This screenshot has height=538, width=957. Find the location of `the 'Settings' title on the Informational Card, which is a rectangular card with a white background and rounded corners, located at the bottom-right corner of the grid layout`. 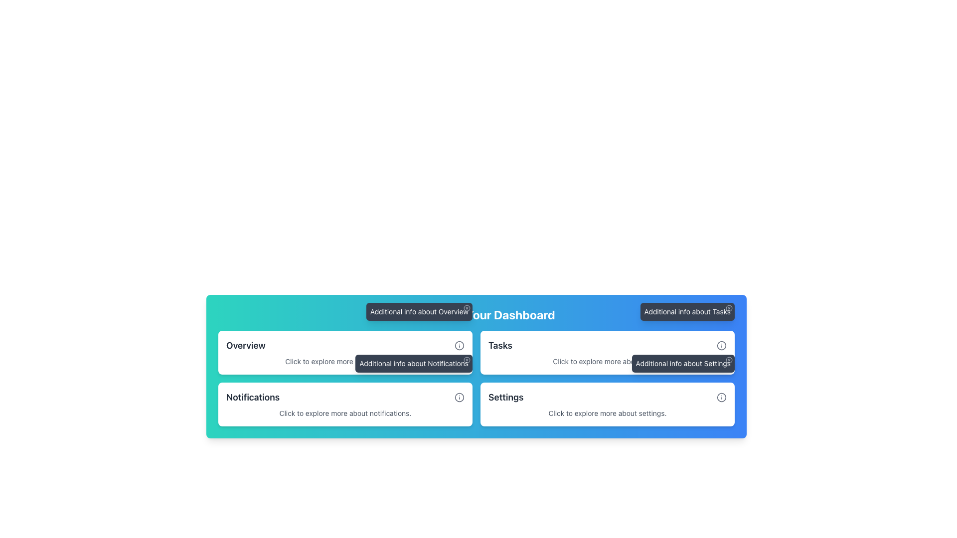

the 'Settings' title on the Informational Card, which is a rectangular card with a white background and rounded corners, located at the bottom-right corner of the grid layout is located at coordinates (607, 404).